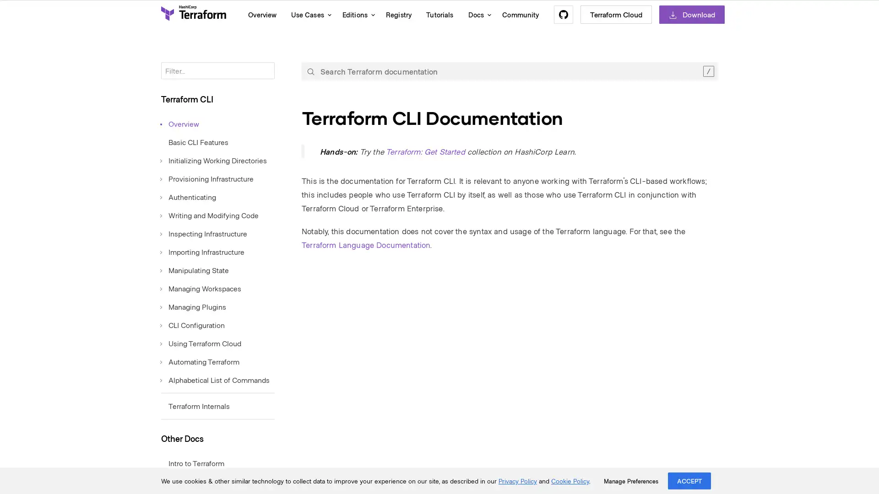  What do you see at coordinates (195, 269) in the screenshot?
I see `Manipulating State` at bounding box center [195, 269].